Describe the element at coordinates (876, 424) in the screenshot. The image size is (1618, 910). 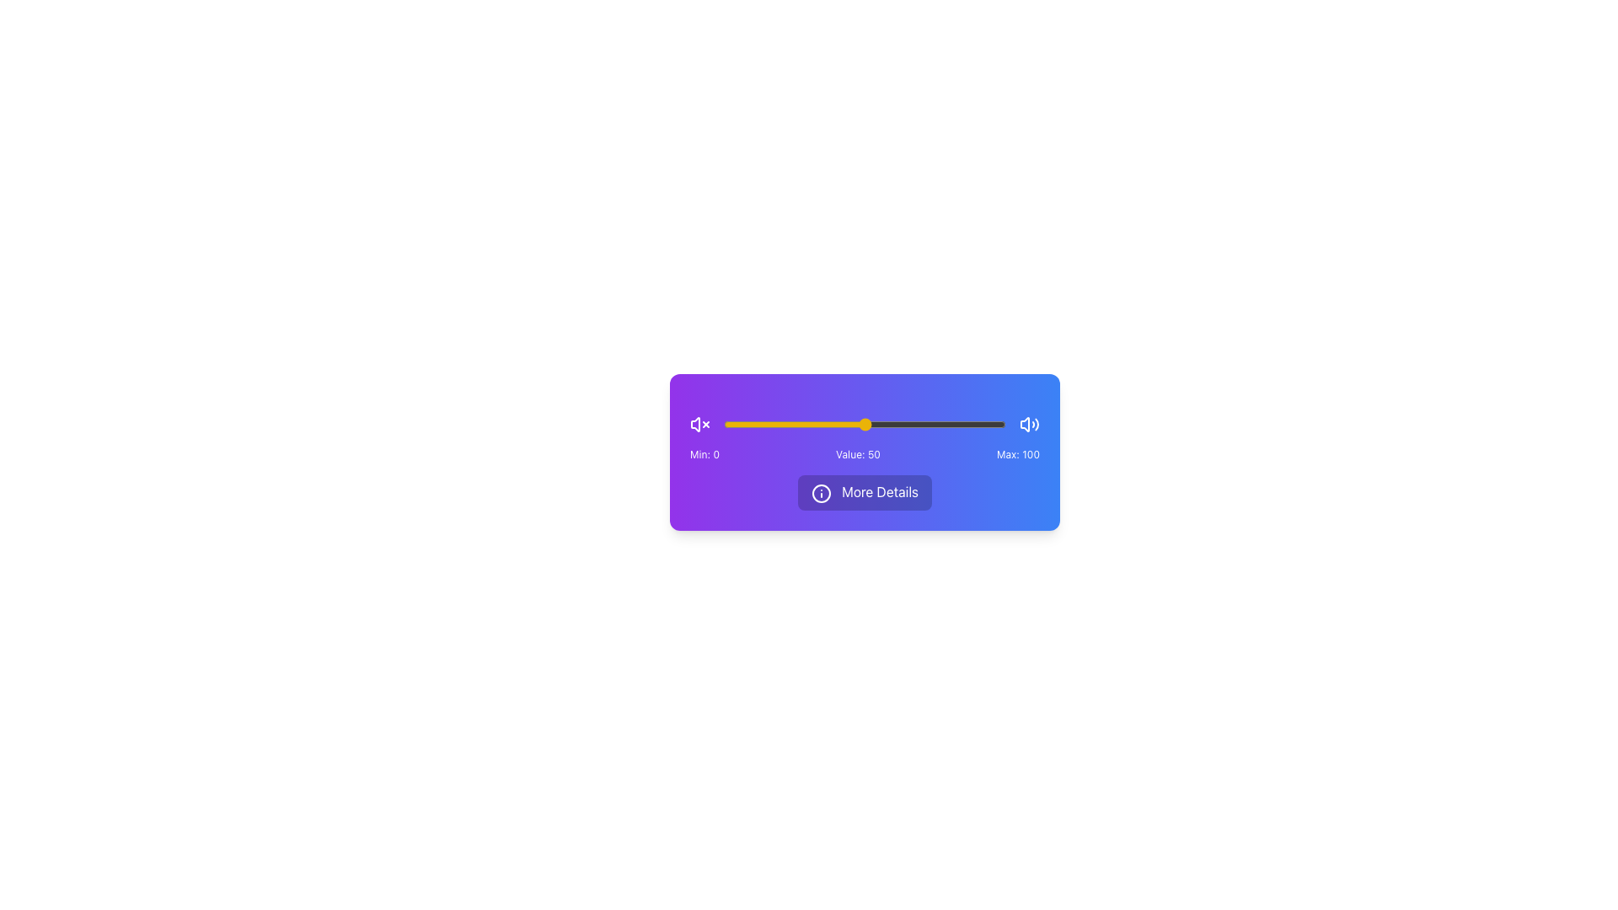
I see `the volume` at that location.